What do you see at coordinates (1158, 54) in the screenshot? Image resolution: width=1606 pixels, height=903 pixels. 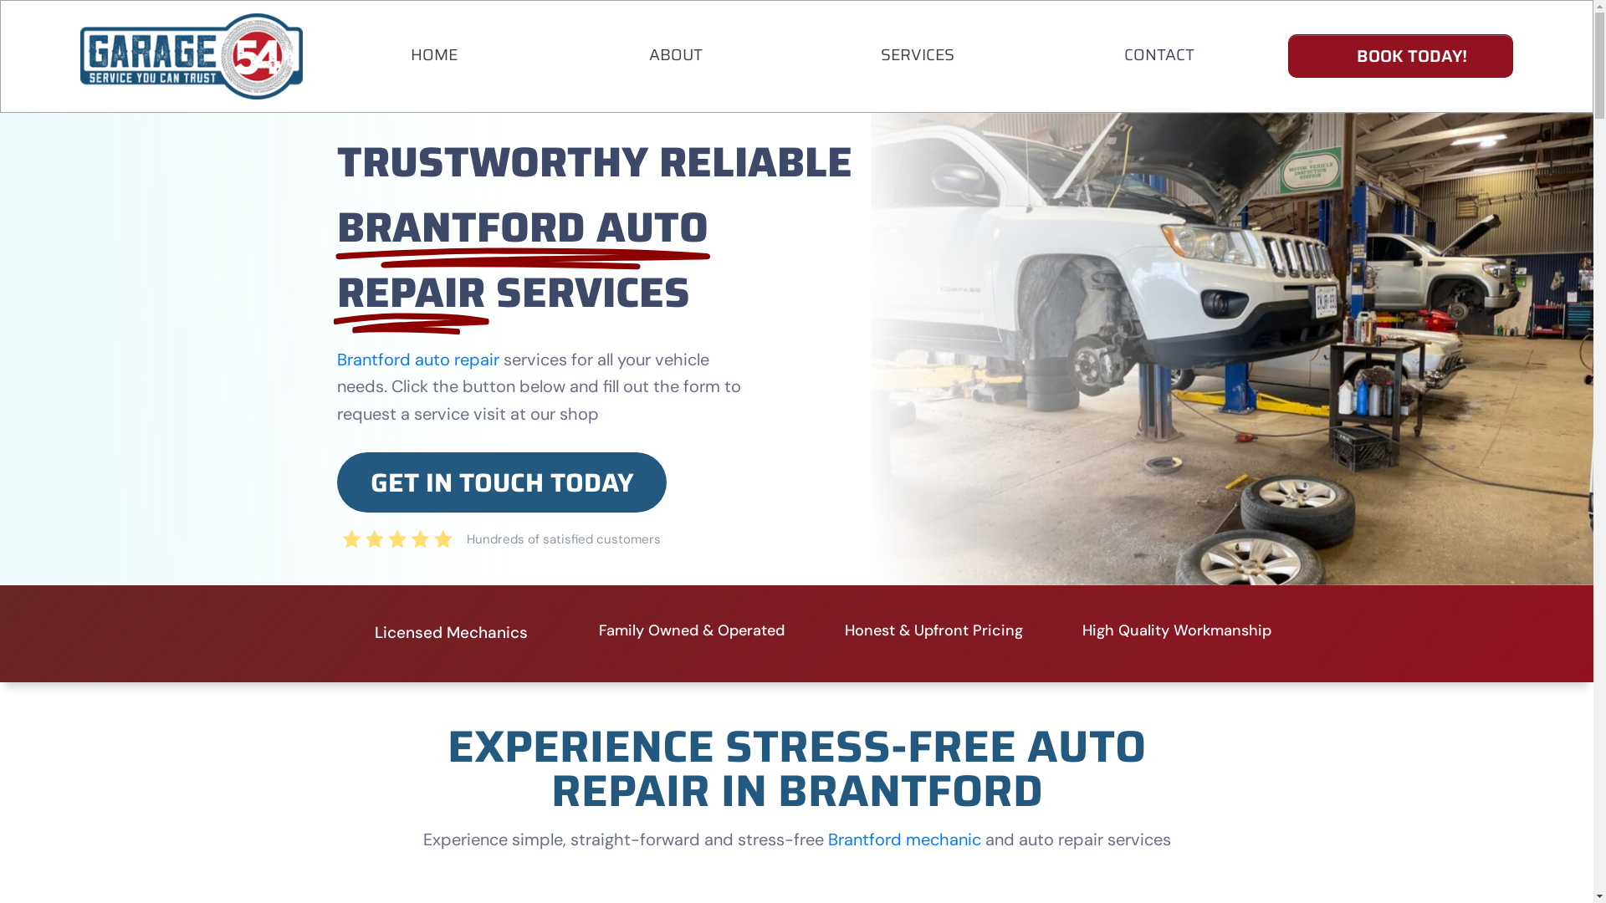 I see `'CONTACT'` at bounding box center [1158, 54].